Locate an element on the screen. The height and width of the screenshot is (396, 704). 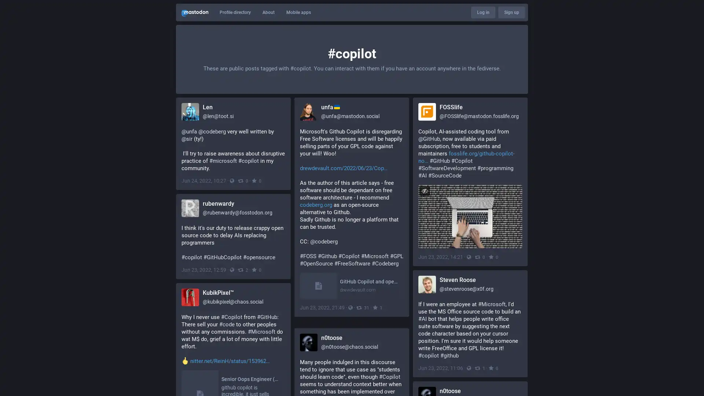
Hide image is located at coordinates (425, 190).